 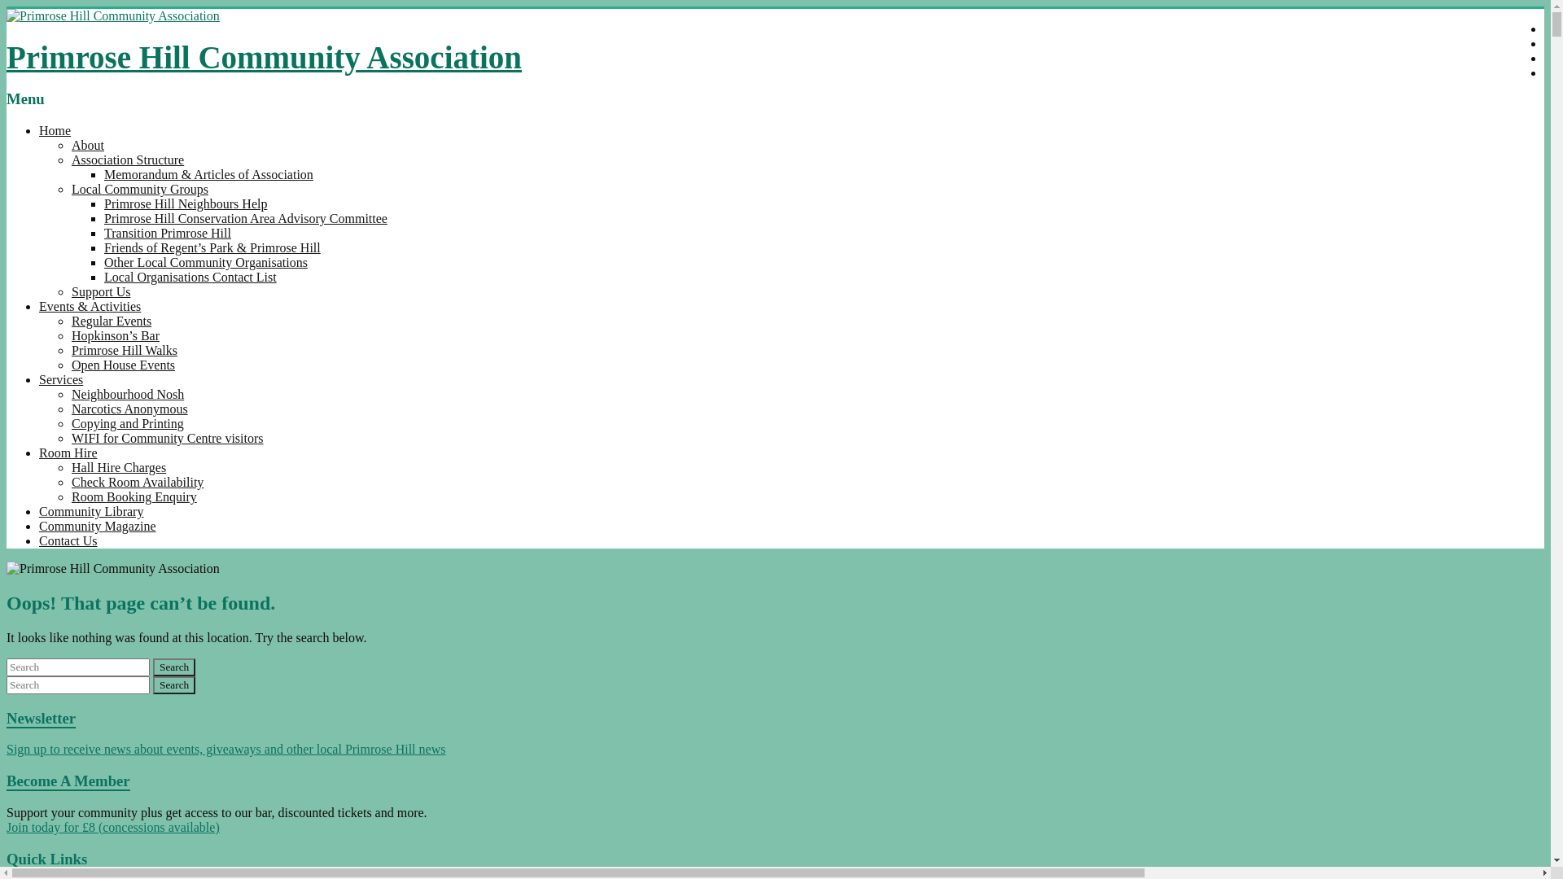 What do you see at coordinates (127, 394) in the screenshot?
I see `'Neighbourhood Nosh'` at bounding box center [127, 394].